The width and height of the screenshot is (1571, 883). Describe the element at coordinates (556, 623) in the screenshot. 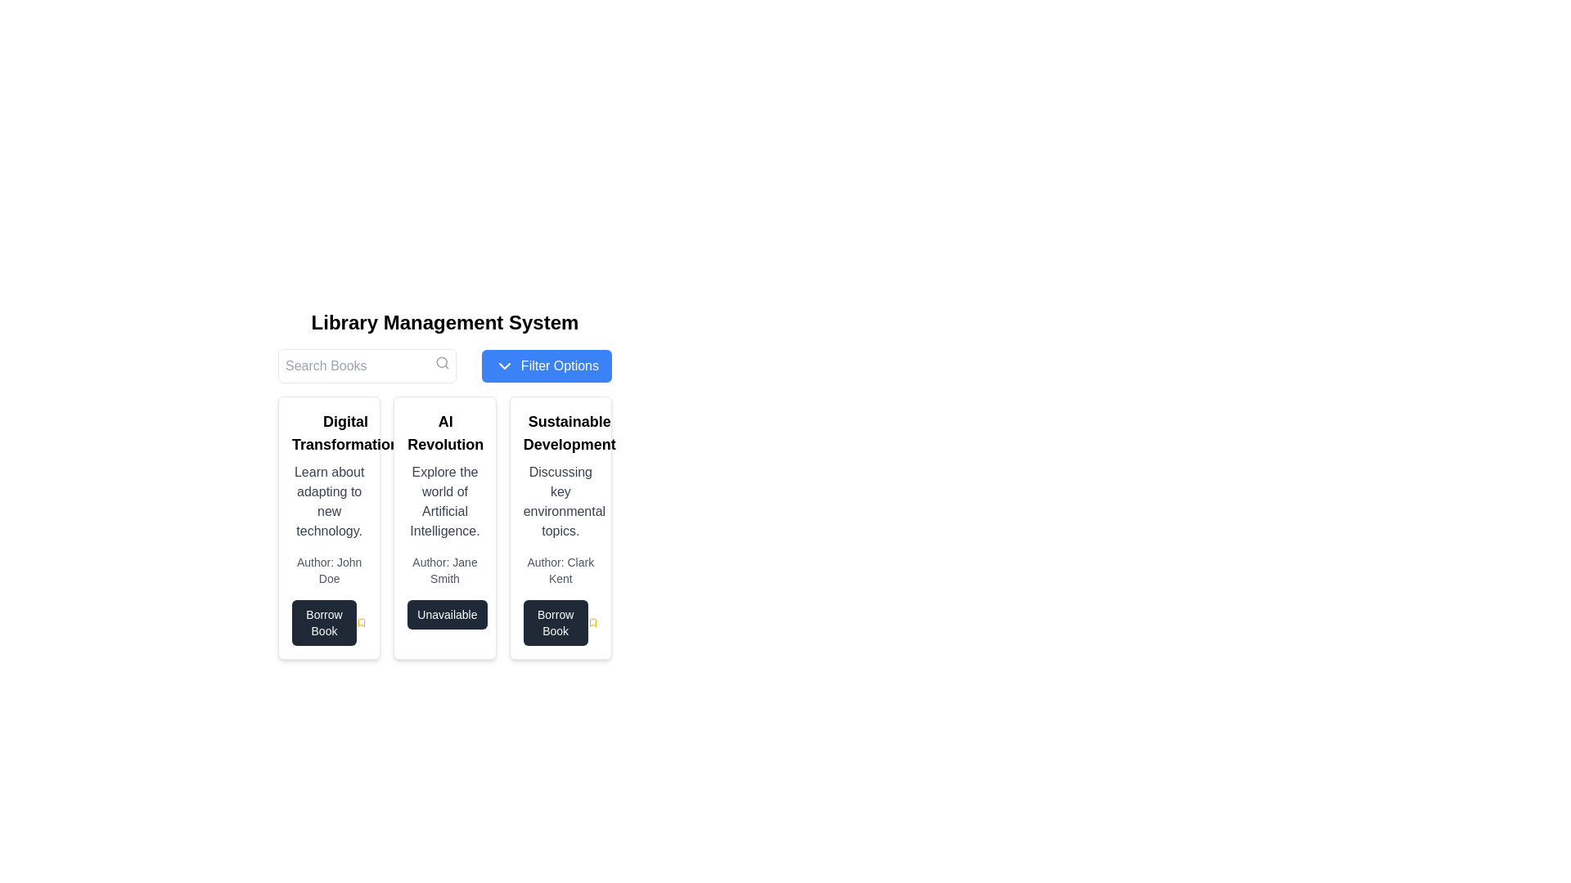

I see `the button that initiates the process of borrowing a book, located at the bottom center of the 'Sustainable Development' card` at that location.